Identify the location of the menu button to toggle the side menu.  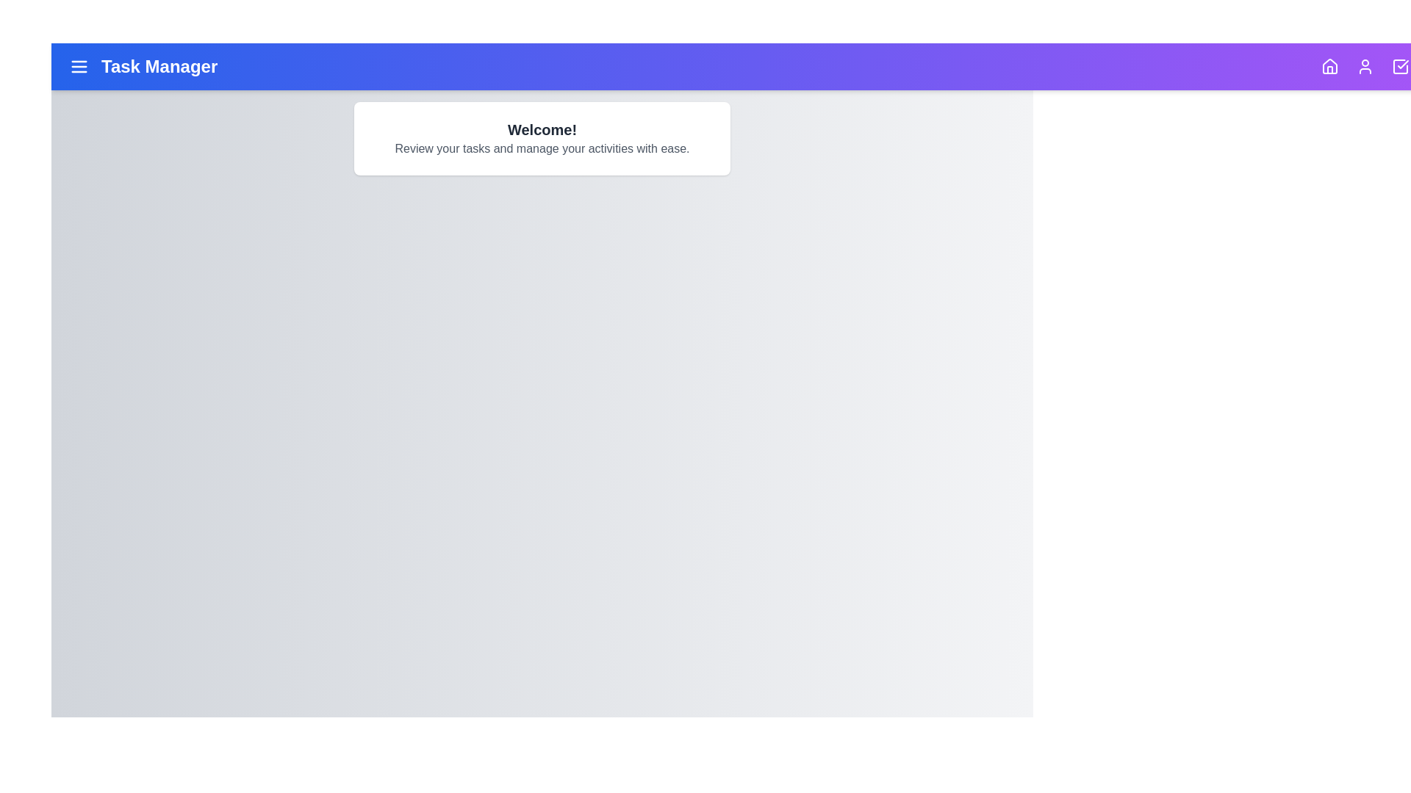
(79, 67).